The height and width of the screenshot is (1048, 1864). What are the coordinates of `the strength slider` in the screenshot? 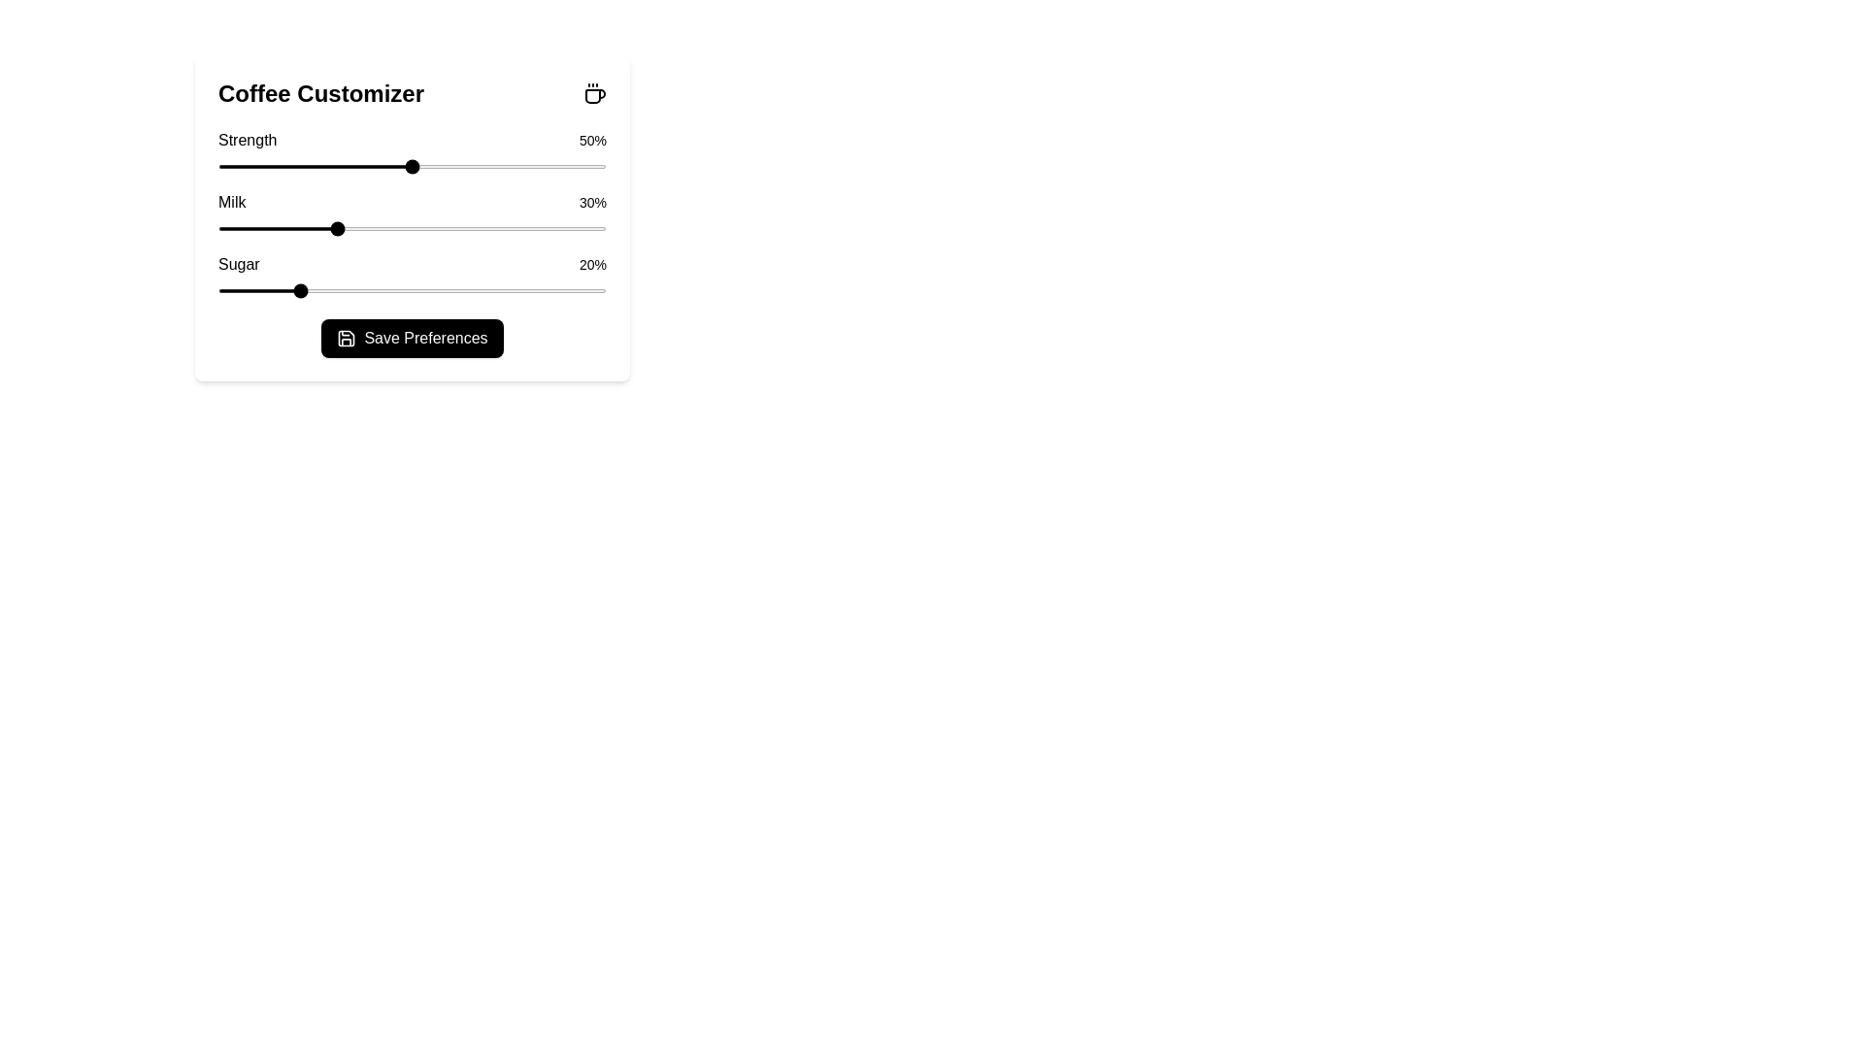 It's located at (241, 166).